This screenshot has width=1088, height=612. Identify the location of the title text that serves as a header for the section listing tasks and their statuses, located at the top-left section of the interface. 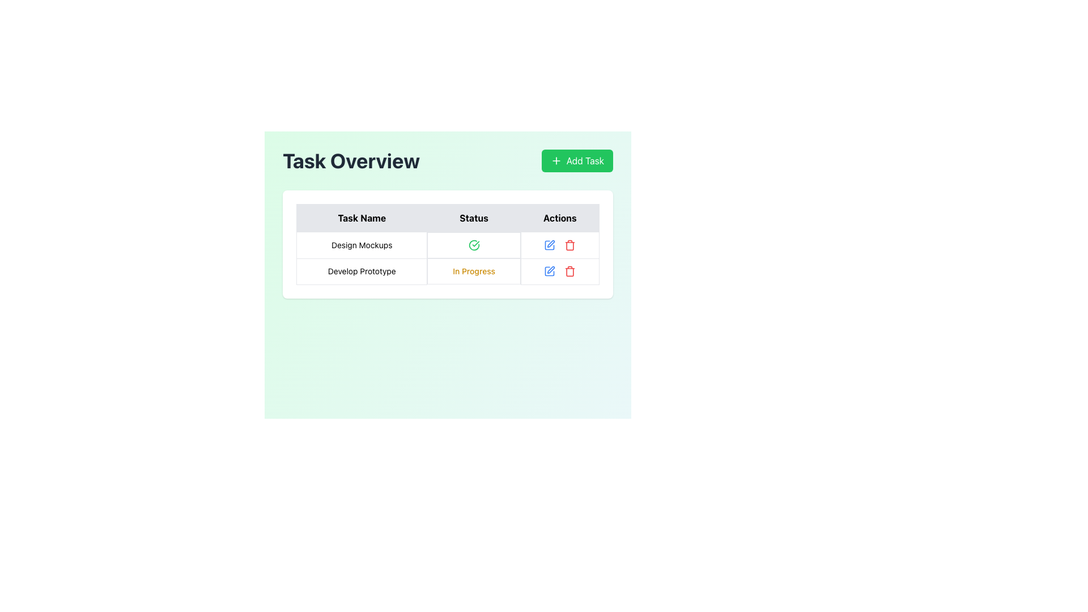
(350, 161).